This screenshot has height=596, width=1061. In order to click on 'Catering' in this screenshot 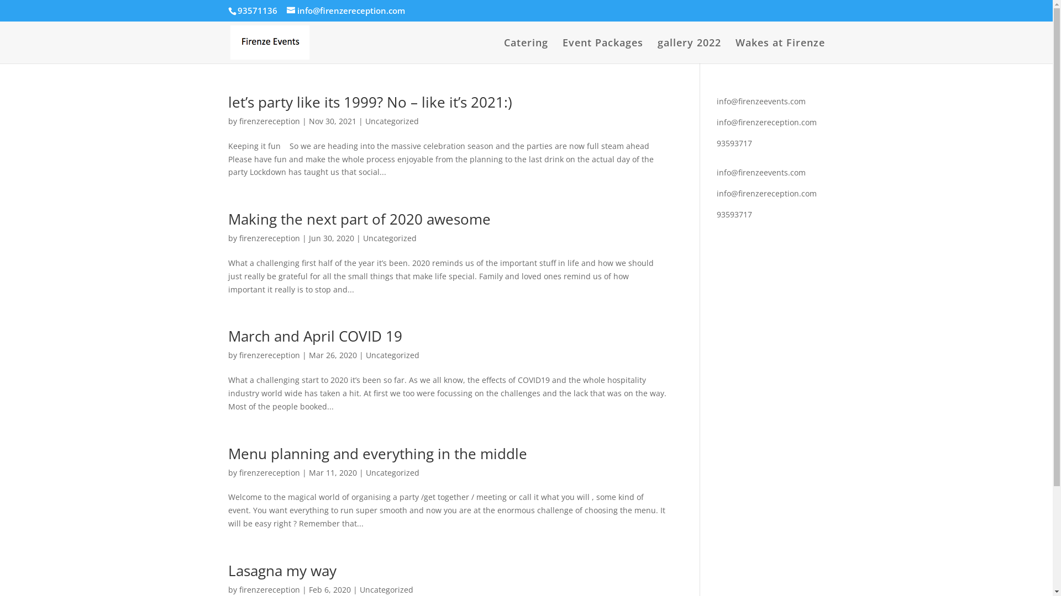, I will do `click(525, 51)`.